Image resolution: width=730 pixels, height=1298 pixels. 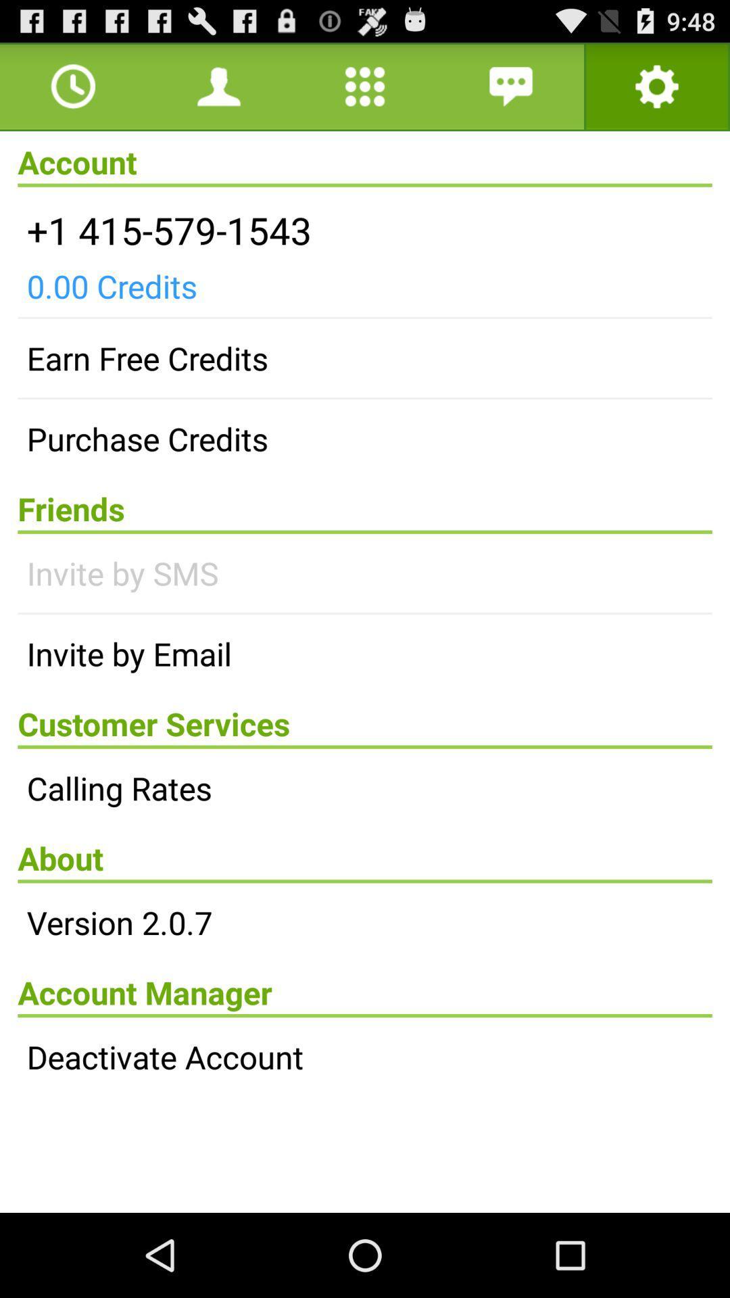 I want to click on deactivate account item, so click(x=365, y=1056).